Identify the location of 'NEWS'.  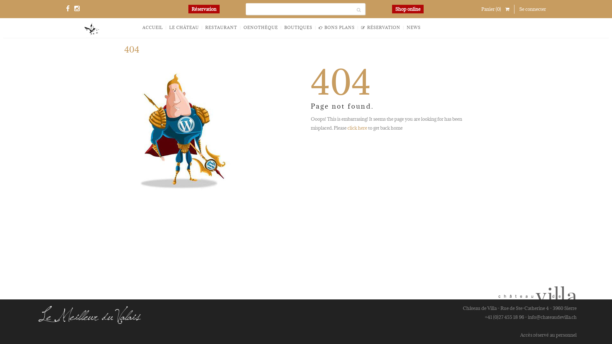
(413, 27).